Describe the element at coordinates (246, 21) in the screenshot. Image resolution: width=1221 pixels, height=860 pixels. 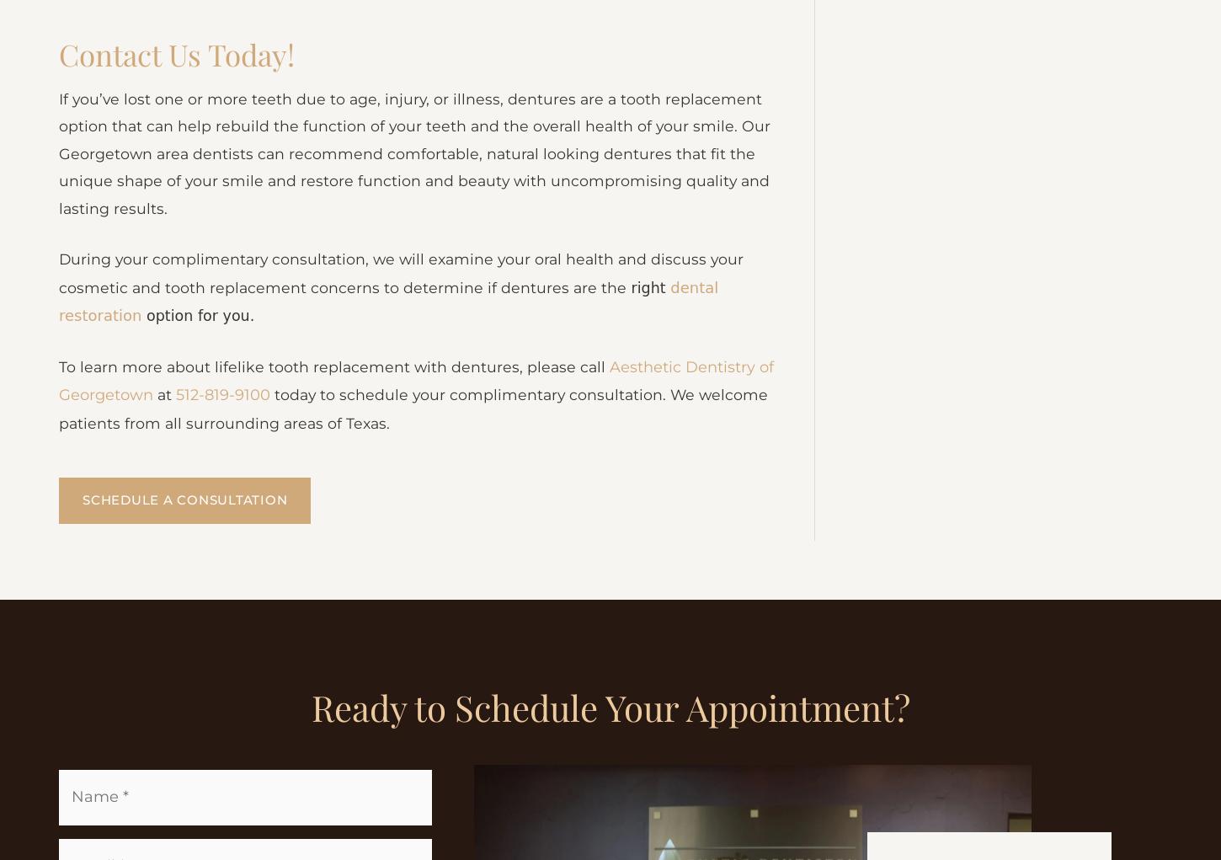
I see `'What happens if I sleep with my Dentures in?'` at that location.